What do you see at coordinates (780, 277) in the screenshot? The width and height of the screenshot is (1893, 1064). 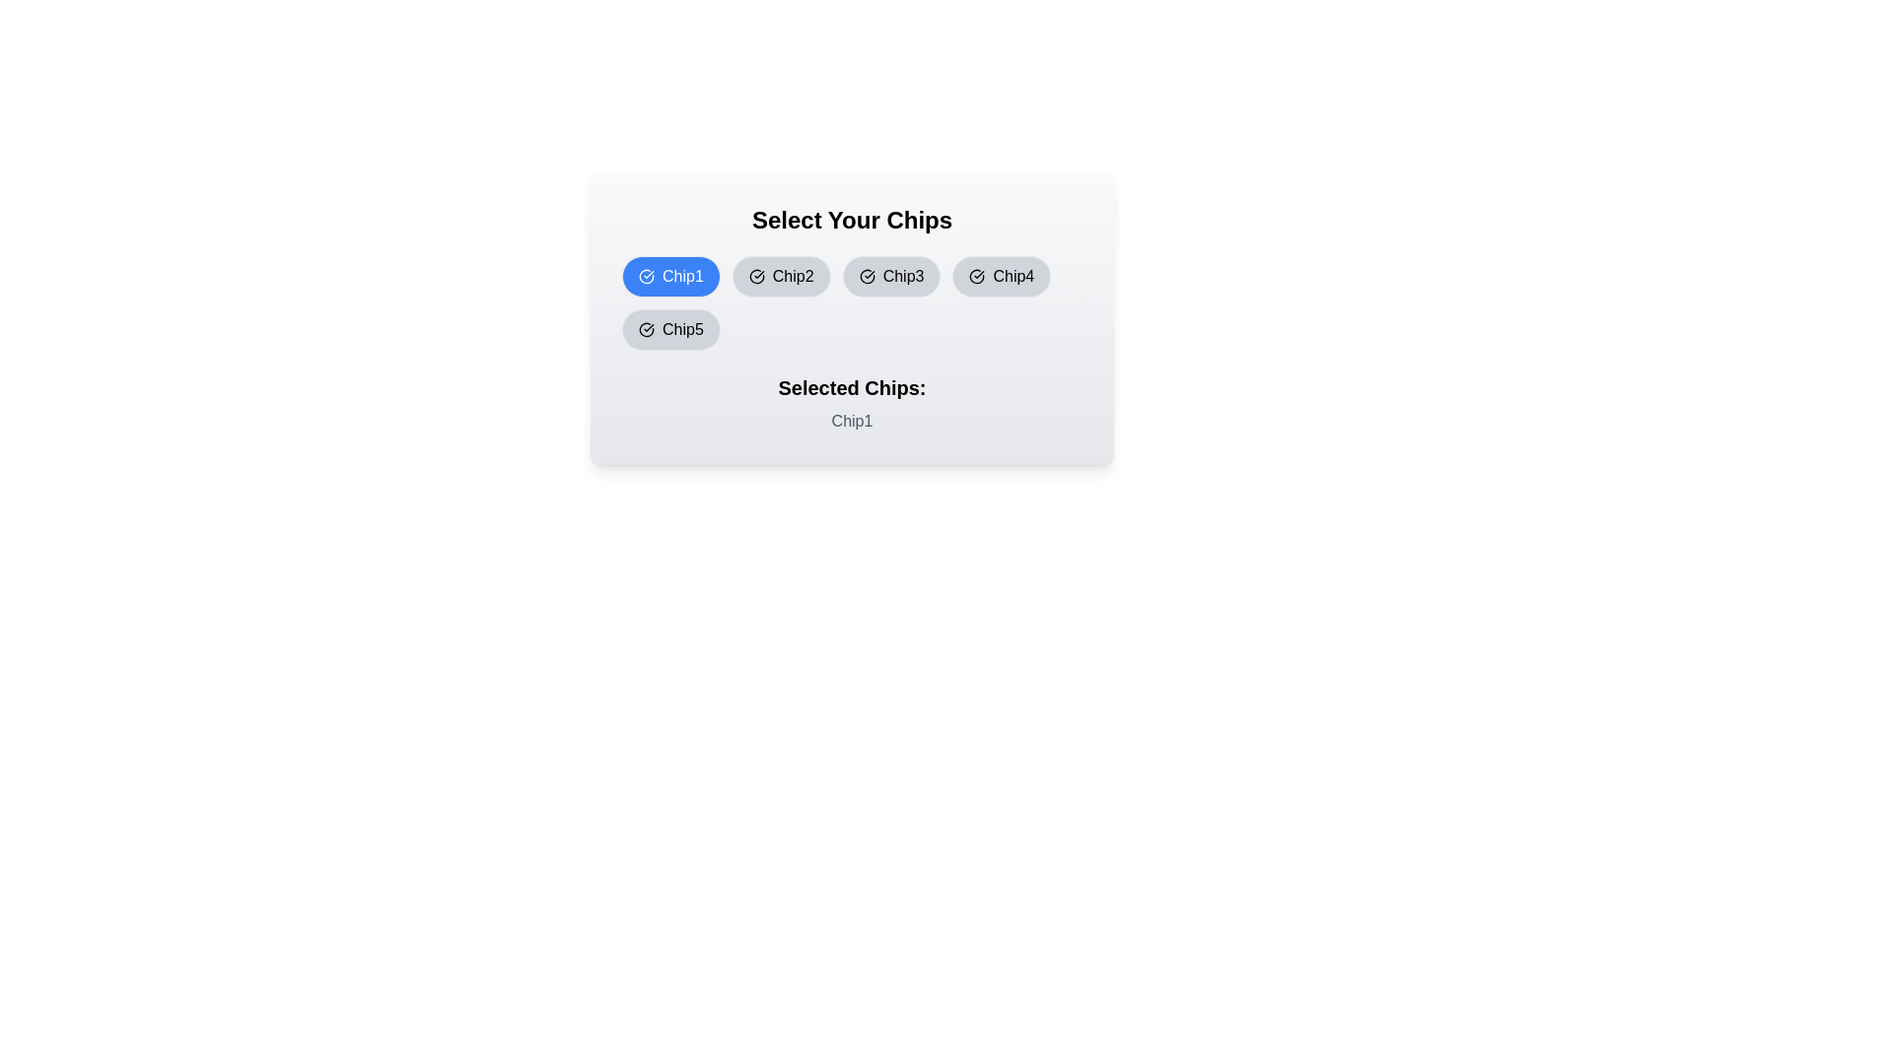 I see `the chip labeled Chip2 by clicking on it` at bounding box center [780, 277].